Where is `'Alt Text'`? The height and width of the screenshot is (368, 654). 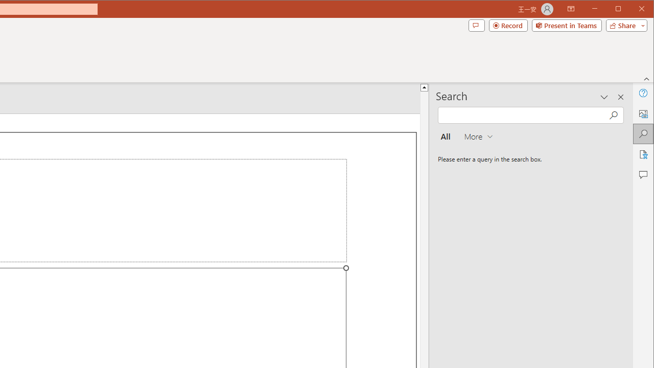
'Alt Text' is located at coordinates (642, 113).